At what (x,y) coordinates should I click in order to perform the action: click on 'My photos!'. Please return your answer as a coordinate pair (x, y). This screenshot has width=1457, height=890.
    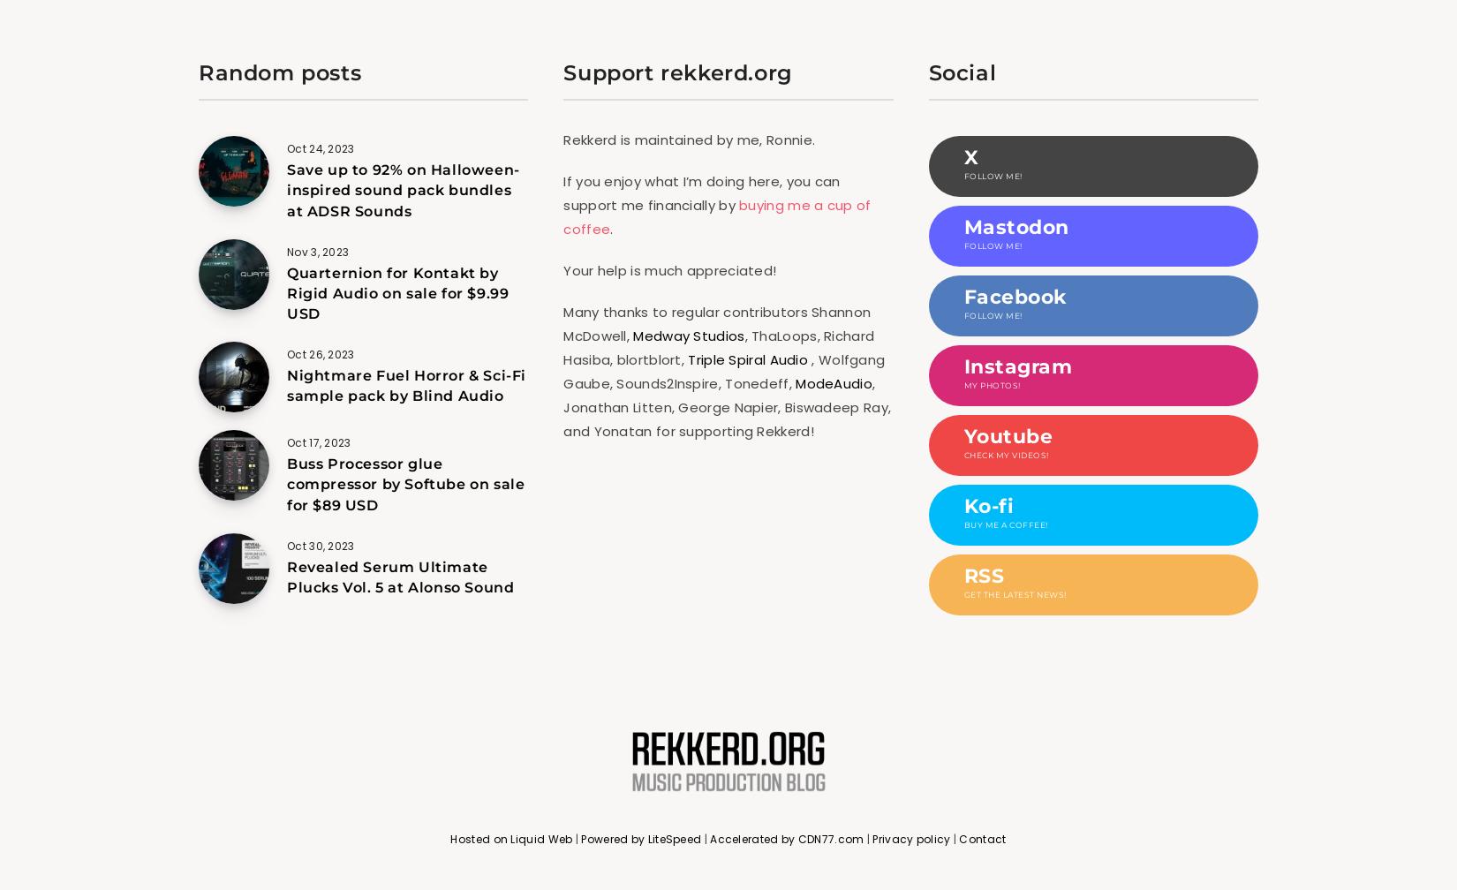
    Looking at the image, I should click on (991, 385).